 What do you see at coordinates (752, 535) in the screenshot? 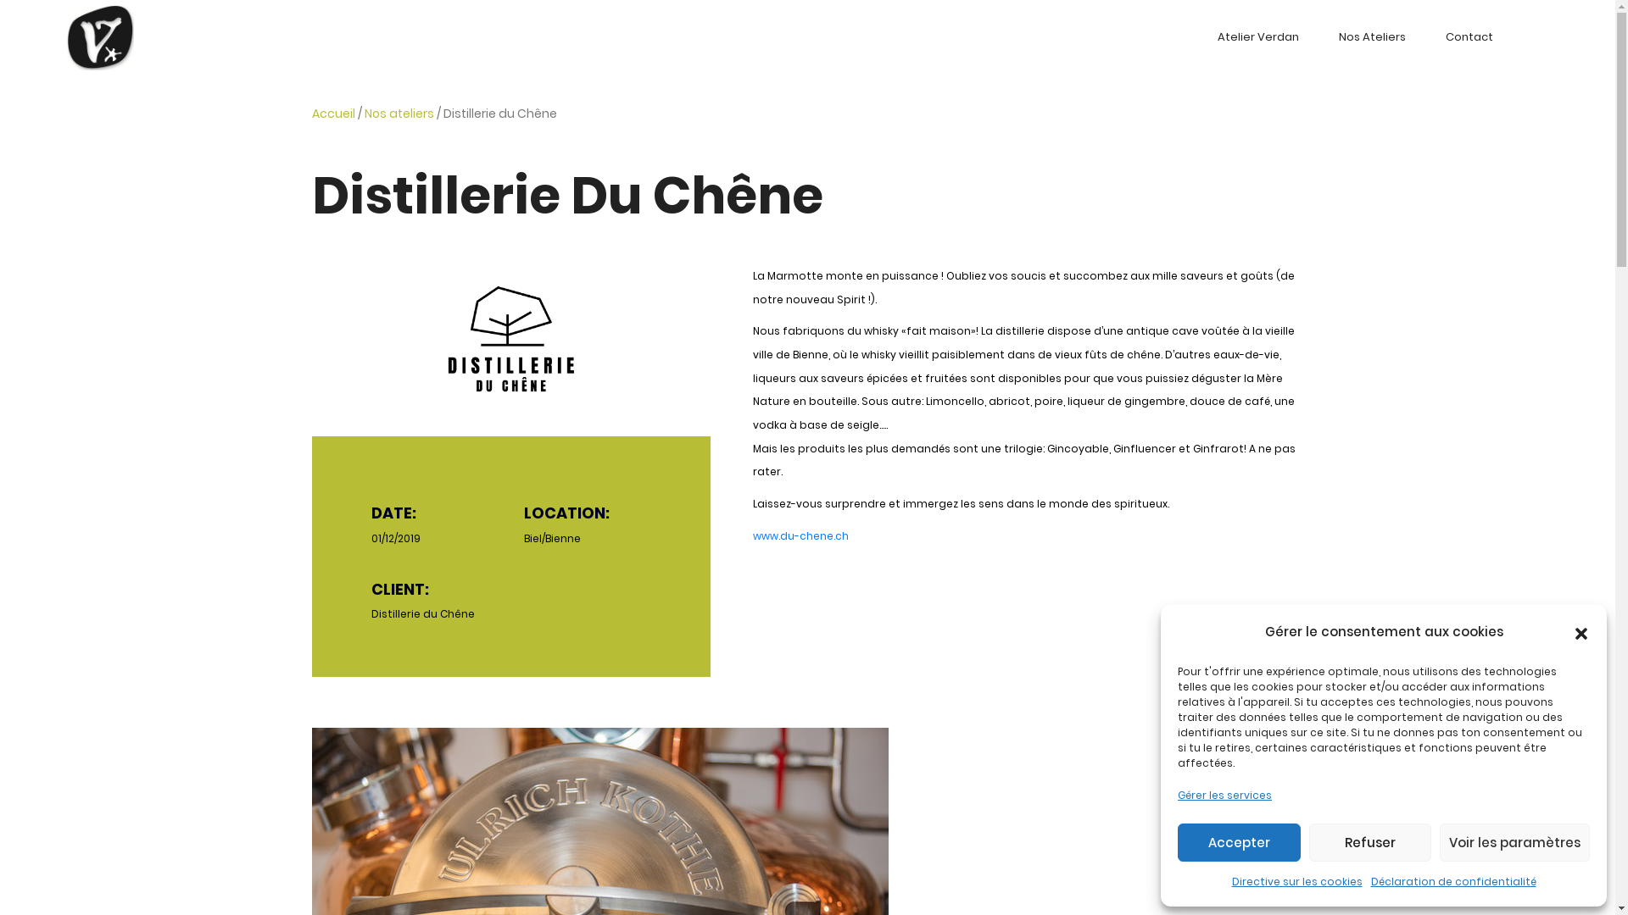
I see `'www.du-chene.ch'` at bounding box center [752, 535].